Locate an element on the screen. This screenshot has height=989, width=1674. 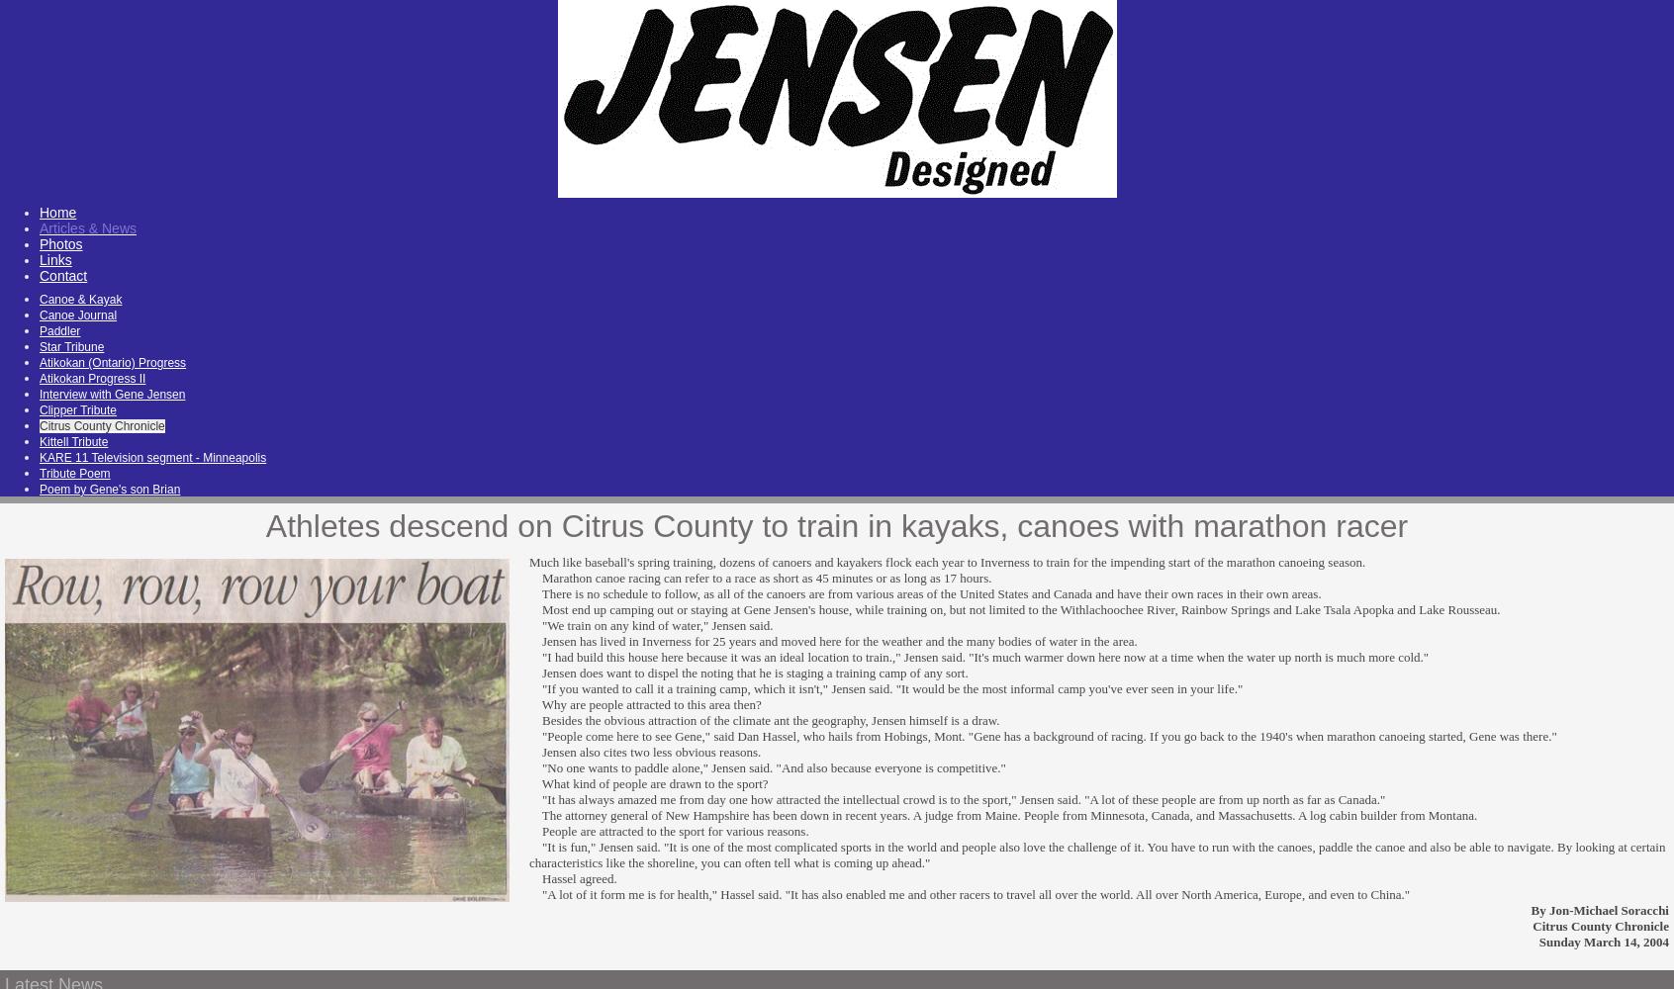
'Paddler' is located at coordinates (58, 330).